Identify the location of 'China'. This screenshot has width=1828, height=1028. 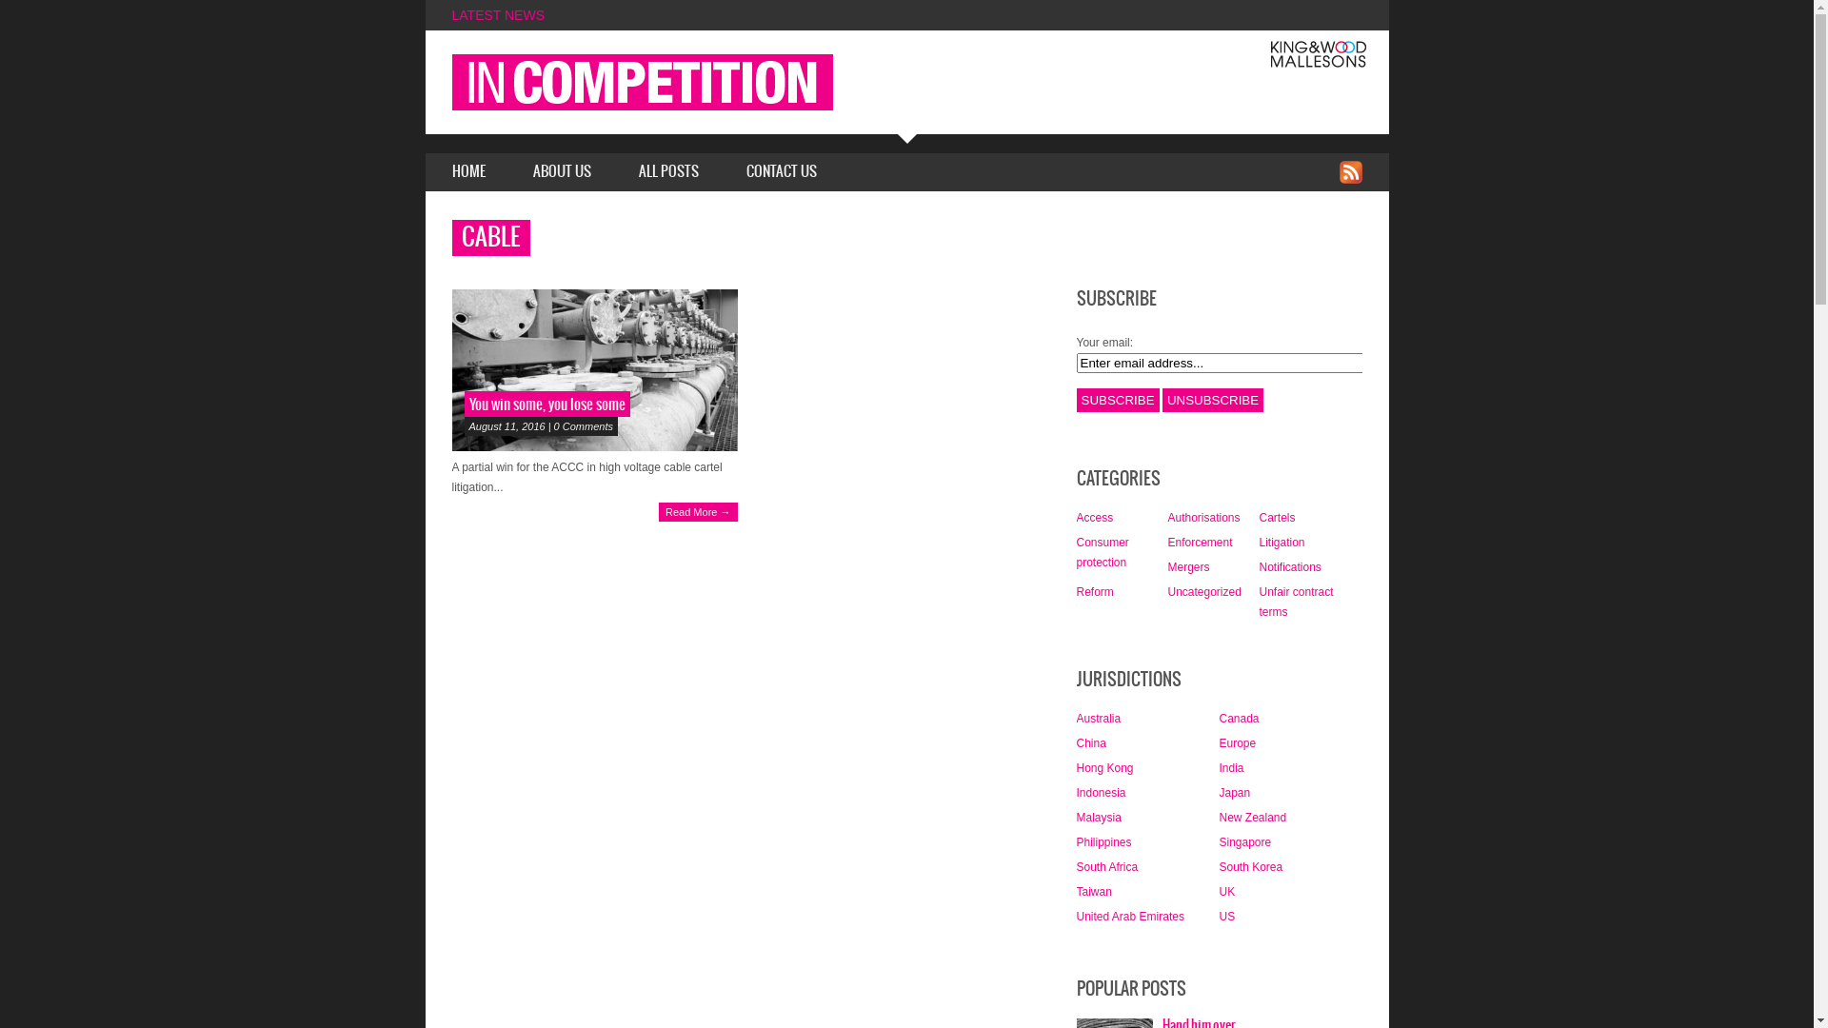
(1090, 741).